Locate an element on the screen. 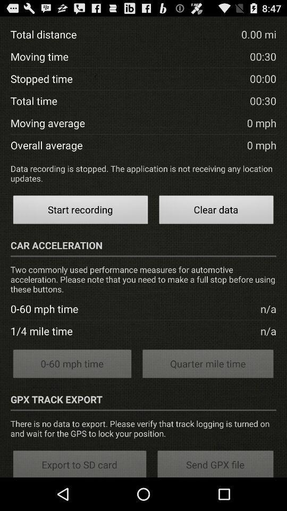 This screenshot has height=511, width=287. clear data button is located at coordinates (216, 211).